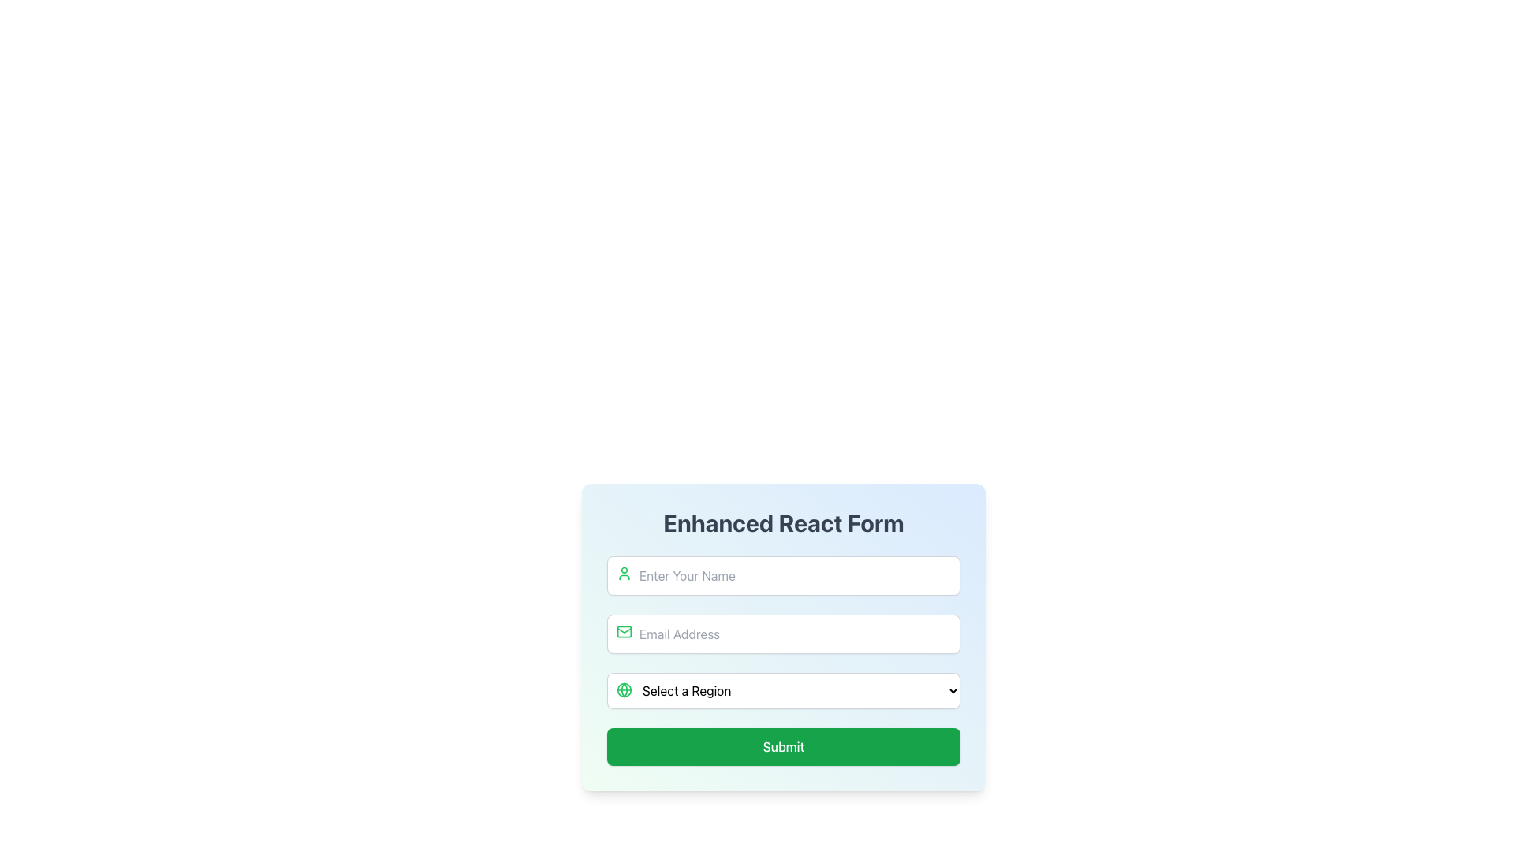  Describe the element at coordinates (783, 689) in the screenshot. I see `the dropdown menu that allows users to select a region from a list of options, positioned above the green 'Submit' button` at that location.